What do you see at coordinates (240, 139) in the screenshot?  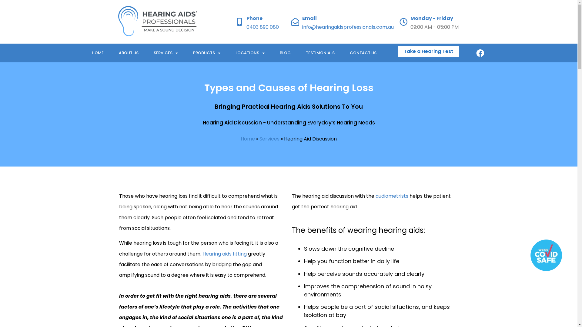 I see `'Home'` at bounding box center [240, 139].